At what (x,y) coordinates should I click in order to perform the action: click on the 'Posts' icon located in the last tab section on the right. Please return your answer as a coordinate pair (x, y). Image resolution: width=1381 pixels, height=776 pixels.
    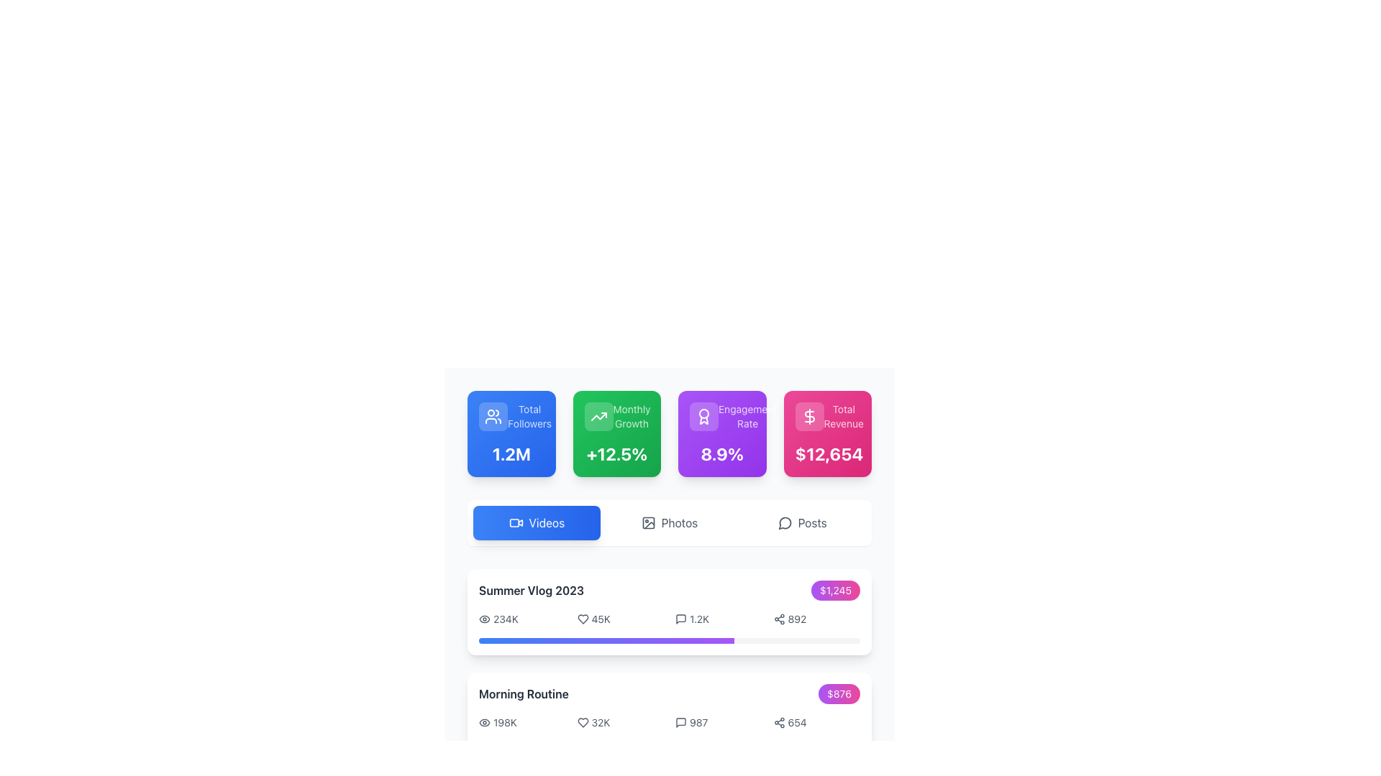
    Looking at the image, I should click on (784, 523).